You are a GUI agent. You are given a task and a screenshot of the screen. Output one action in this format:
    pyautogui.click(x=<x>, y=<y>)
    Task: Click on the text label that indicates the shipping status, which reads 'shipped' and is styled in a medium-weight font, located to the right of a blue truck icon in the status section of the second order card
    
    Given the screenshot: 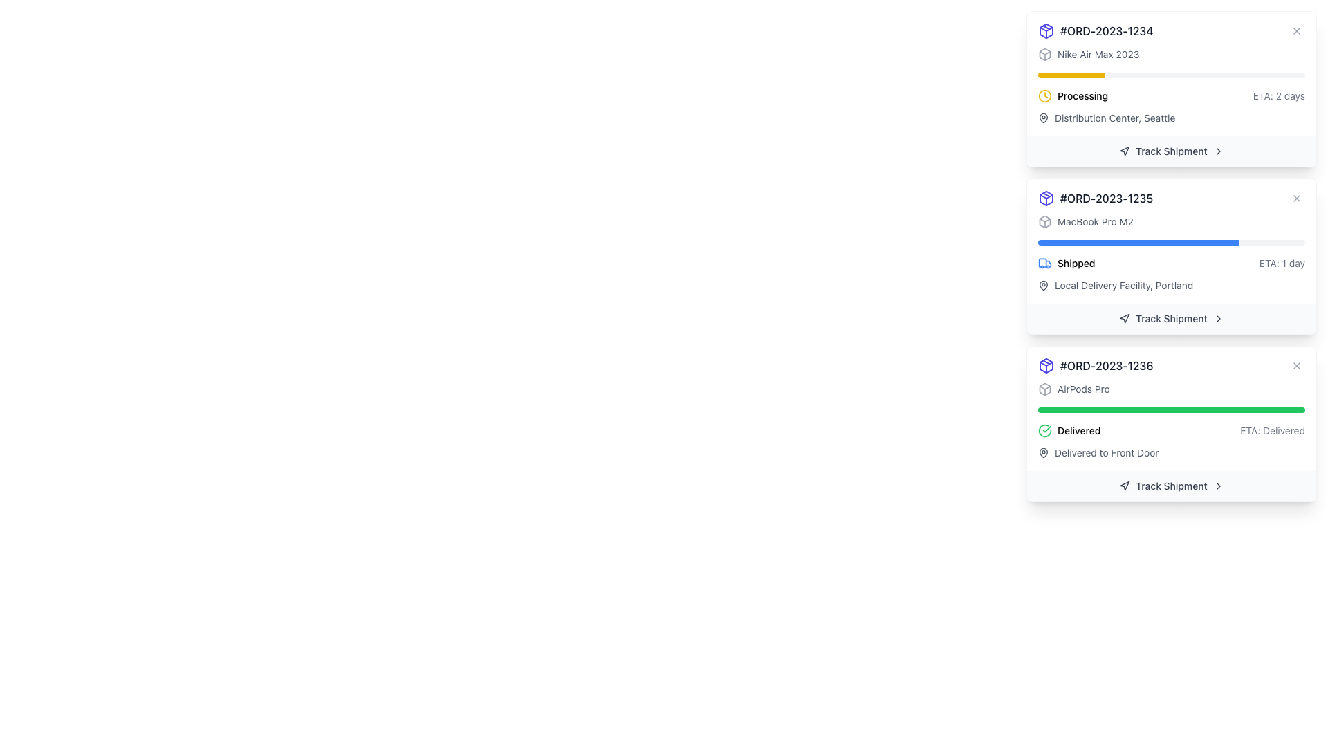 What is the action you would take?
    pyautogui.click(x=1076, y=264)
    